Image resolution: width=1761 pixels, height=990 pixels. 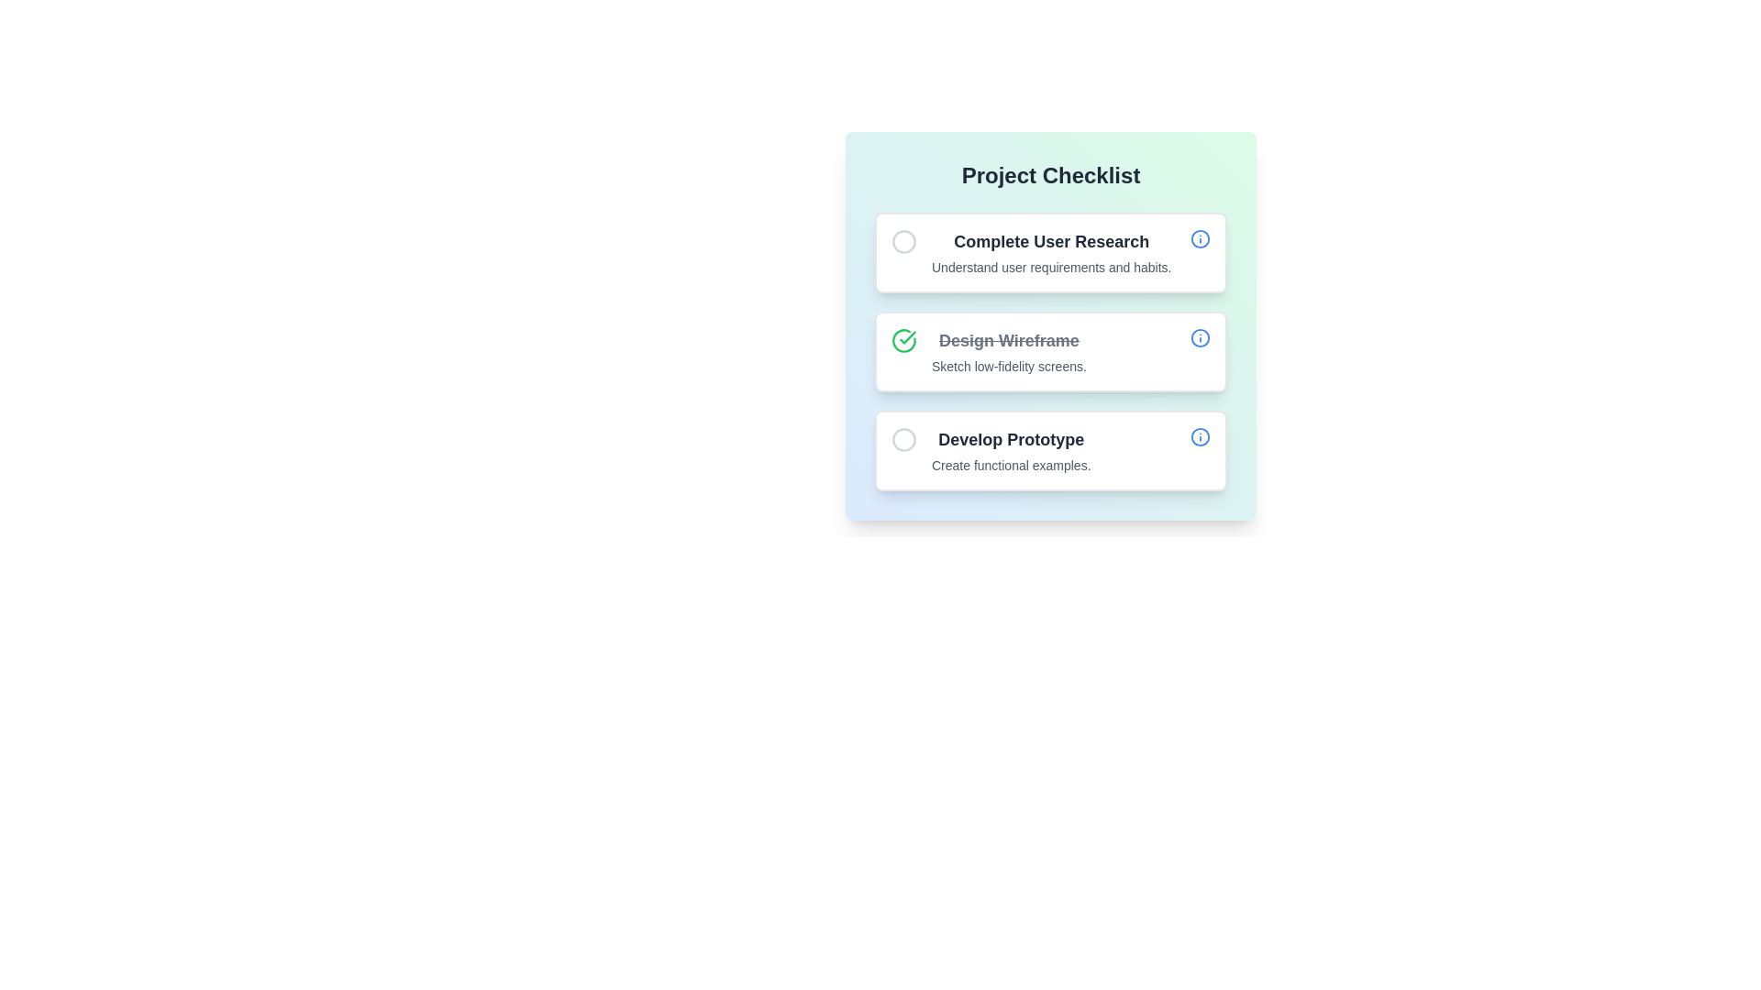 I want to click on the text label that identifies the task 'Complete User Research', so click(x=1051, y=240).